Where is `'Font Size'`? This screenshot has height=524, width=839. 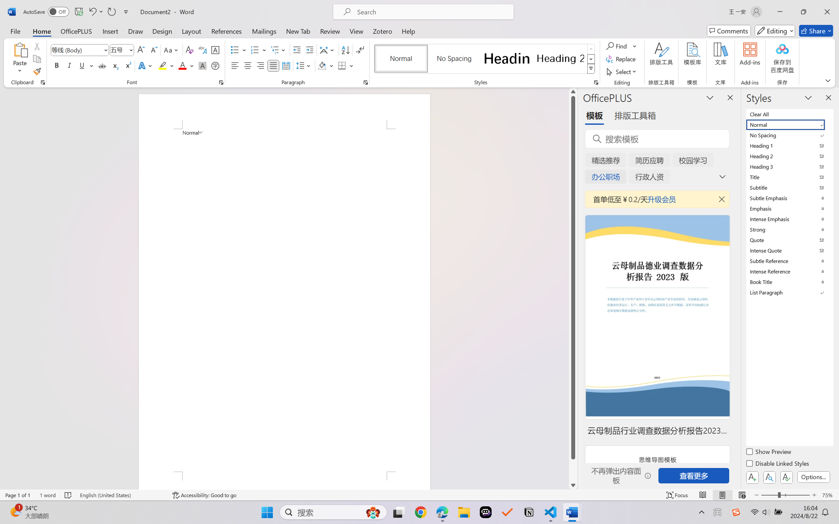
'Font Size' is located at coordinates (122, 50).